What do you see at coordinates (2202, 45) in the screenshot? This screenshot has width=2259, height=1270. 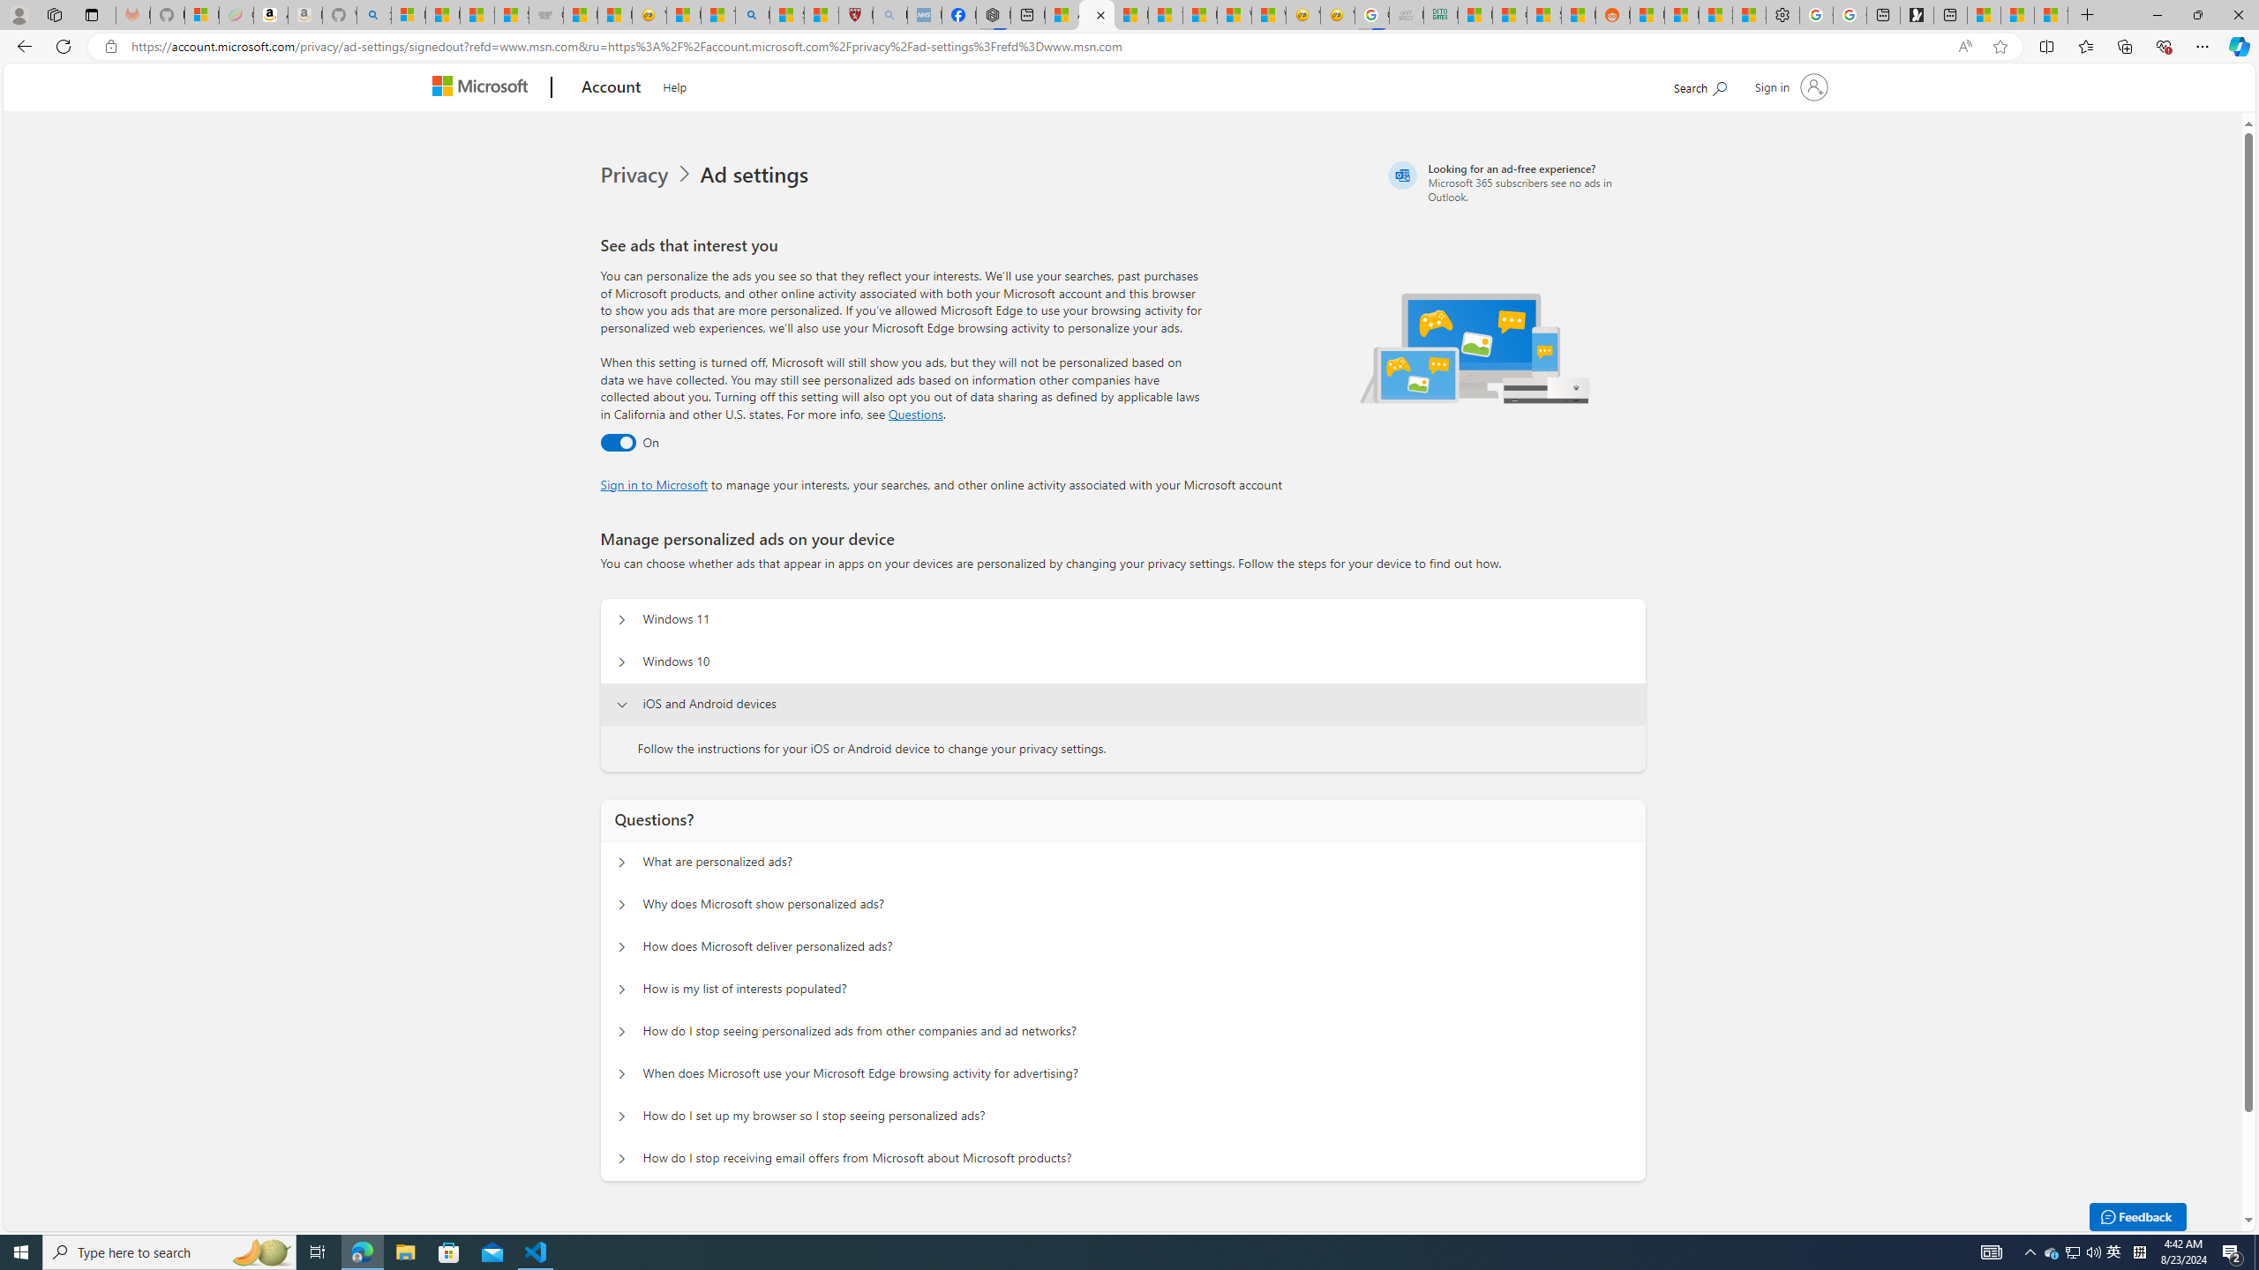 I see `'Settings and more (Alt+F)'` at bounding box center [2202, 45].